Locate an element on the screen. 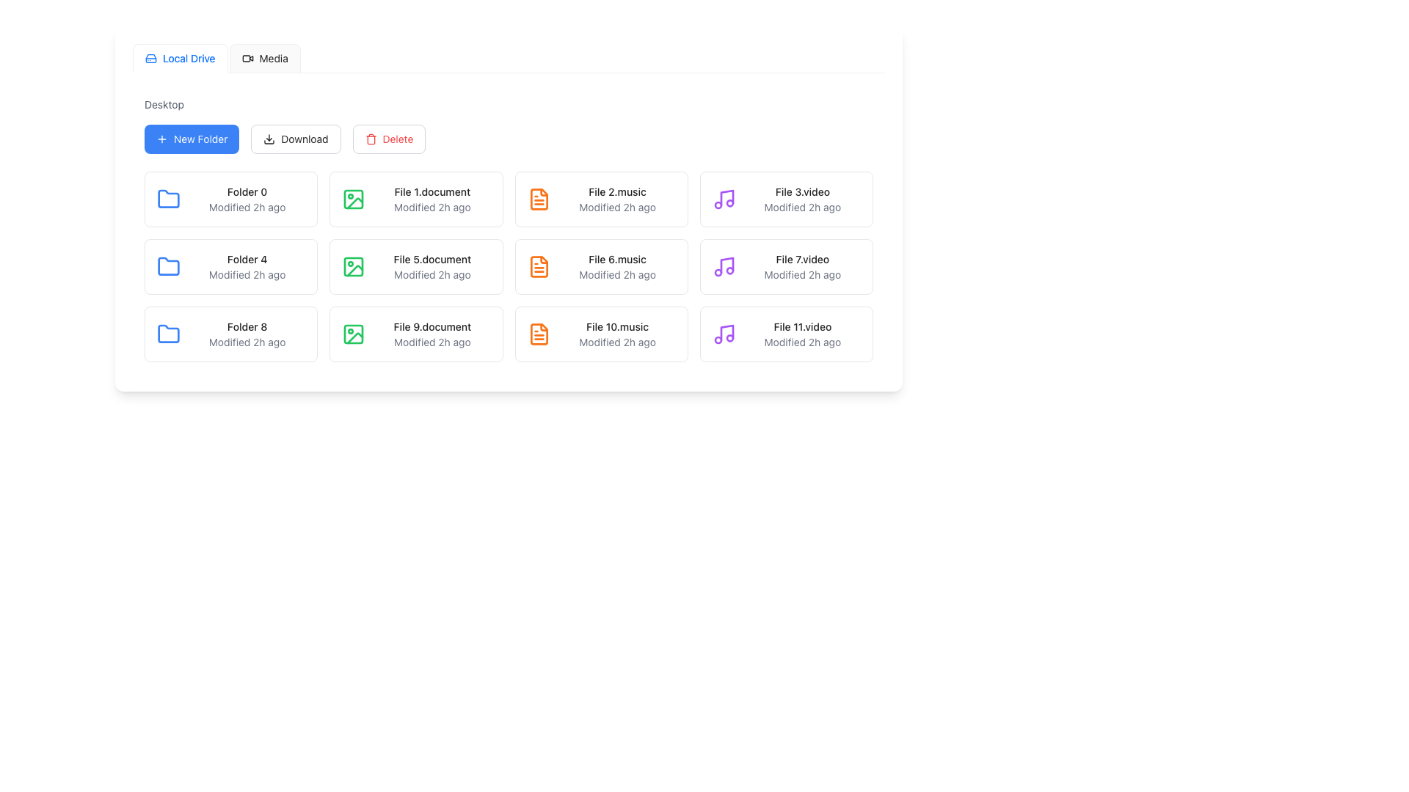  the text label representing the file named 'File 7.video' is located at coordinates (801, 259).